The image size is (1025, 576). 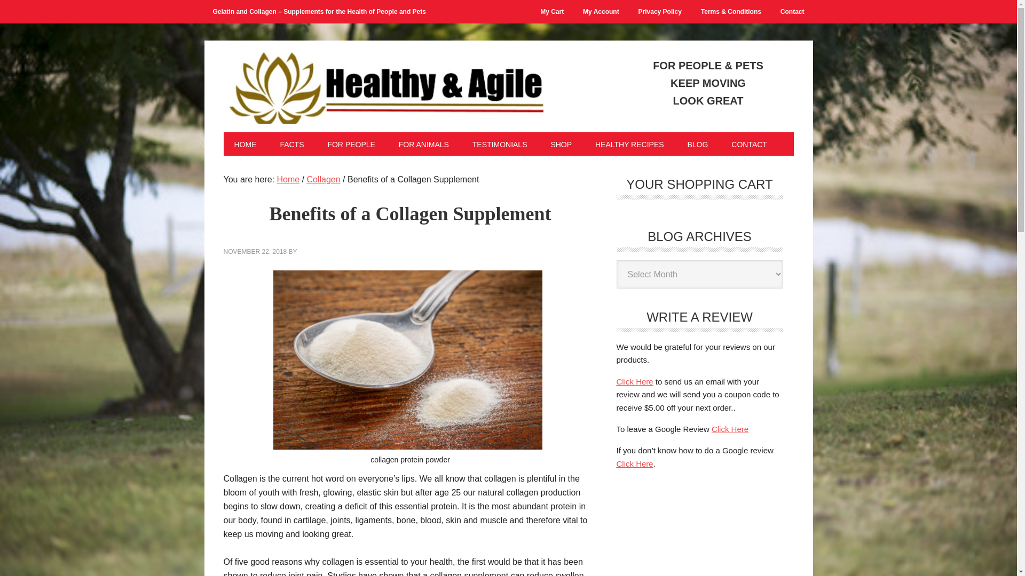 What do you see at coordinates (730, 12) in the screenshot?
I see `'Terms & Conditions'` at bounding box center [730, 12].